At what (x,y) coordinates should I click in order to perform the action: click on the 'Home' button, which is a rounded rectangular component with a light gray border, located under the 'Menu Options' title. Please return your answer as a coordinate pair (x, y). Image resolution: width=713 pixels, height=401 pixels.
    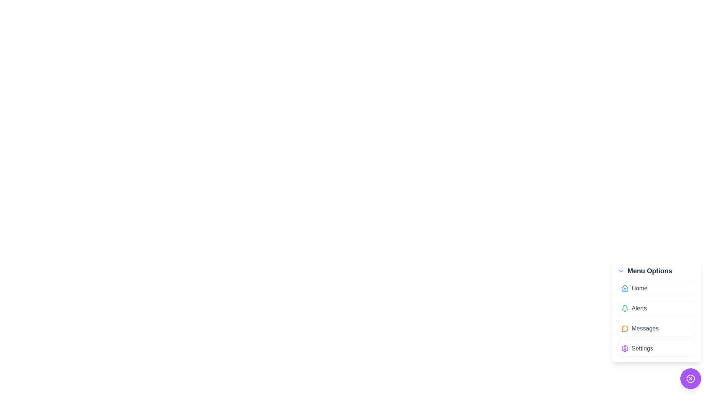
    Looking at the image, I should click on (656, 288).